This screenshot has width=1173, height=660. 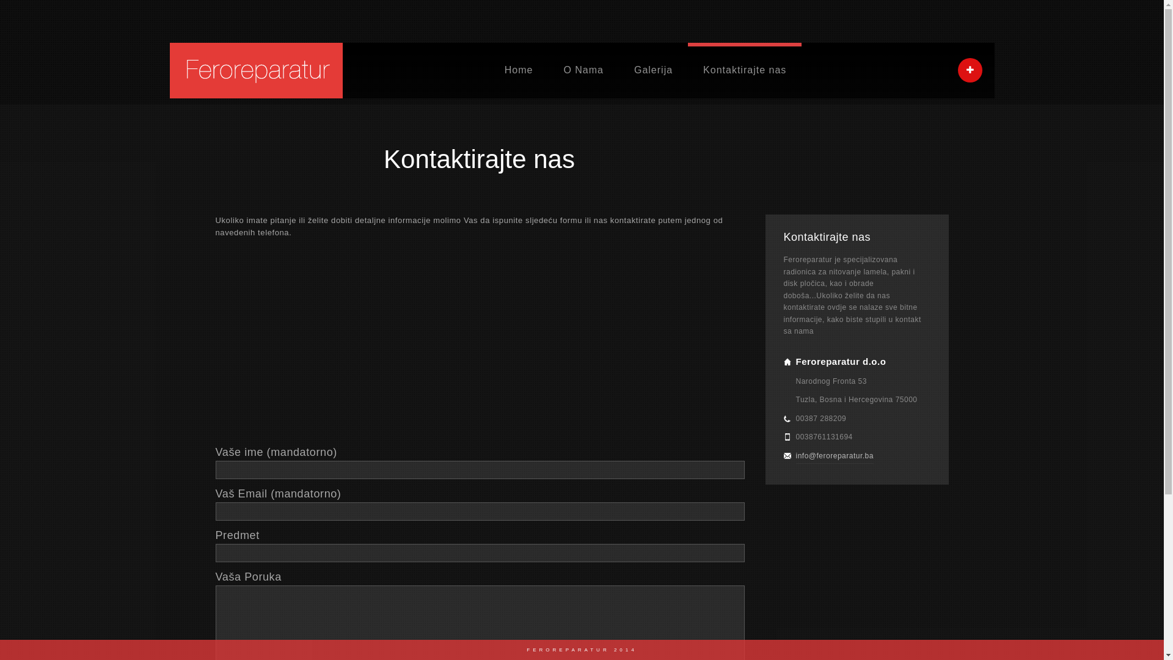 What do you see at coordinates (547, 70) in the screenshot?
I see `'O Nama'` at bounding box center [547, 70].